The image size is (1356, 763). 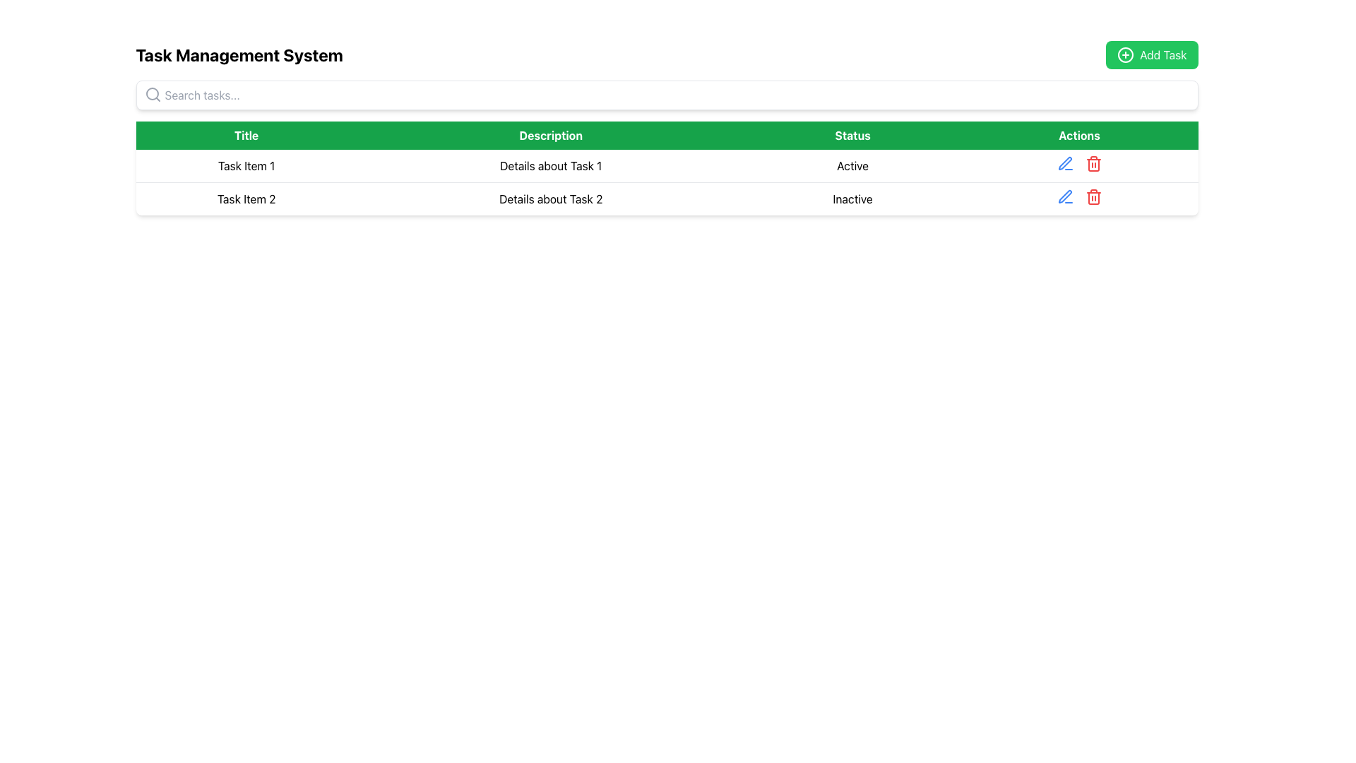 I want to click on text label stating 'Details about Task 2' located in the second row of the task management table under the 'Description' column, so click(x=550, y=199).